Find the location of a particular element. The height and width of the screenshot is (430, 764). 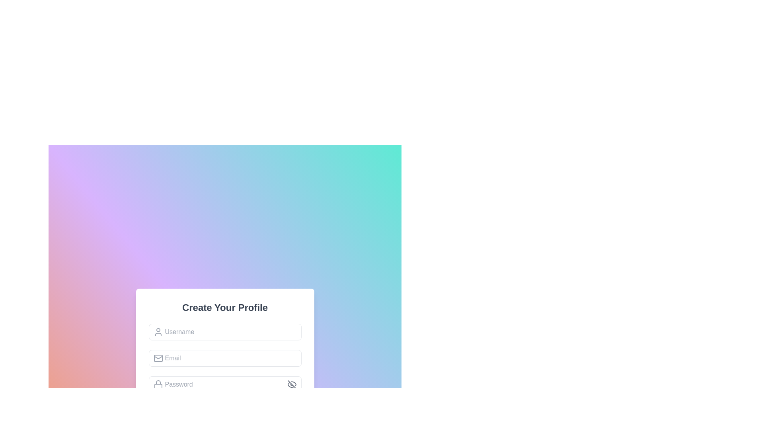

the 'hide password' button featuring an eye-with-slash icon is located at coordinates (291, 384).